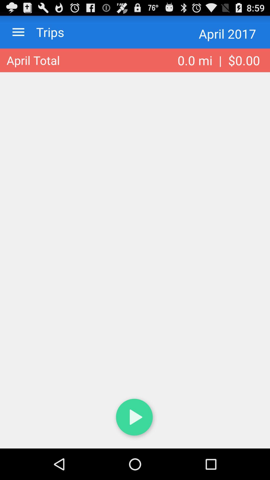  Describe the element at coordinates (45, 32) in the screenshot. I see `the icon next to april 2017 item` at that location.